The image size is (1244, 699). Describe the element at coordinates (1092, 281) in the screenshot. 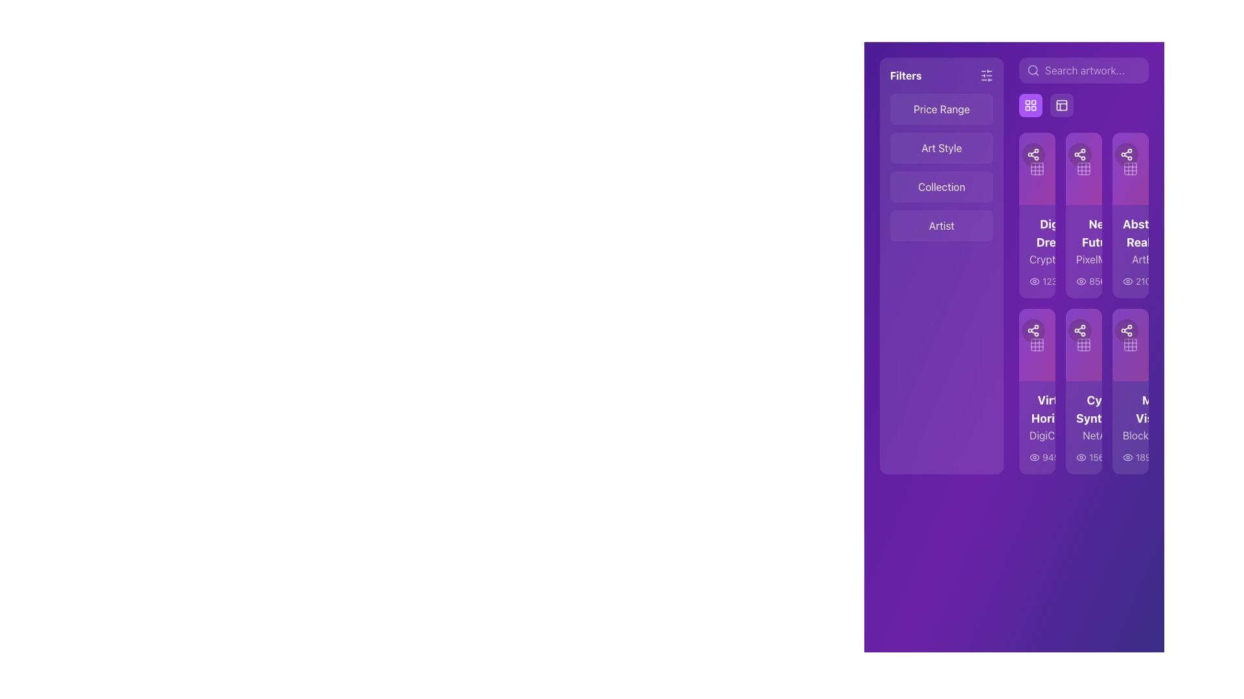

I see `the information icon, which is a small outlined circle with an 'i' inside, located to the far right of the numerical text '89'` at that location.